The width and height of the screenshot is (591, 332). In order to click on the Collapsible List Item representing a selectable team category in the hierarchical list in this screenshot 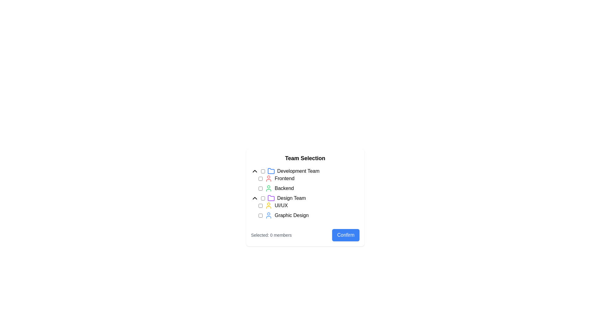, I will do `click(305, 198)`.